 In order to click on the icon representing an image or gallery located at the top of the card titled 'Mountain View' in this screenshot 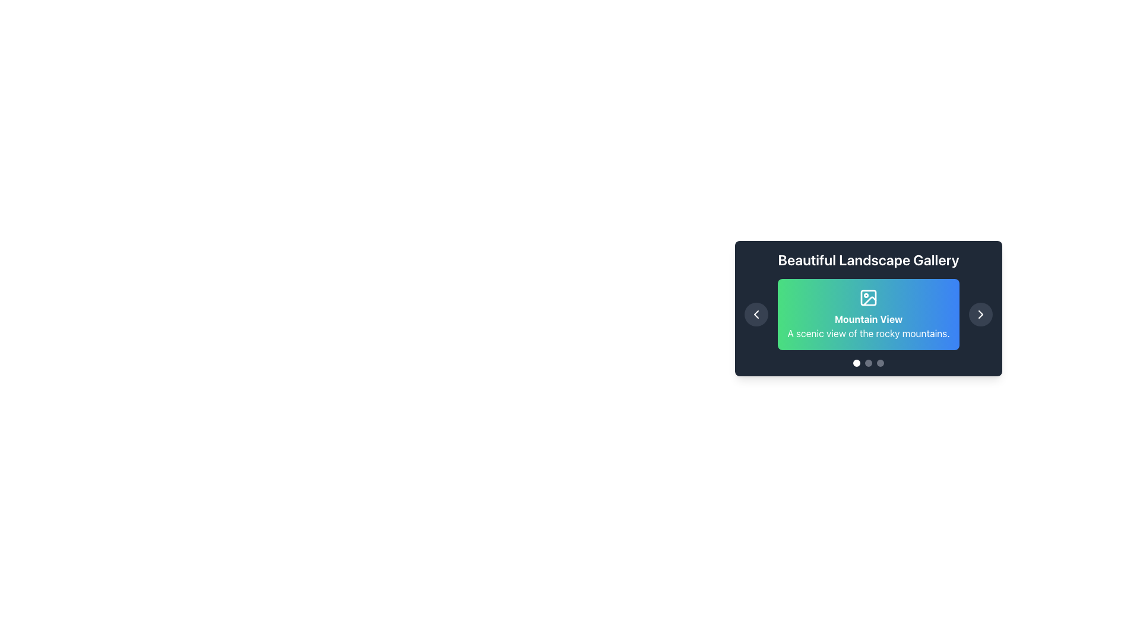, I will do `click(869, 297)`.